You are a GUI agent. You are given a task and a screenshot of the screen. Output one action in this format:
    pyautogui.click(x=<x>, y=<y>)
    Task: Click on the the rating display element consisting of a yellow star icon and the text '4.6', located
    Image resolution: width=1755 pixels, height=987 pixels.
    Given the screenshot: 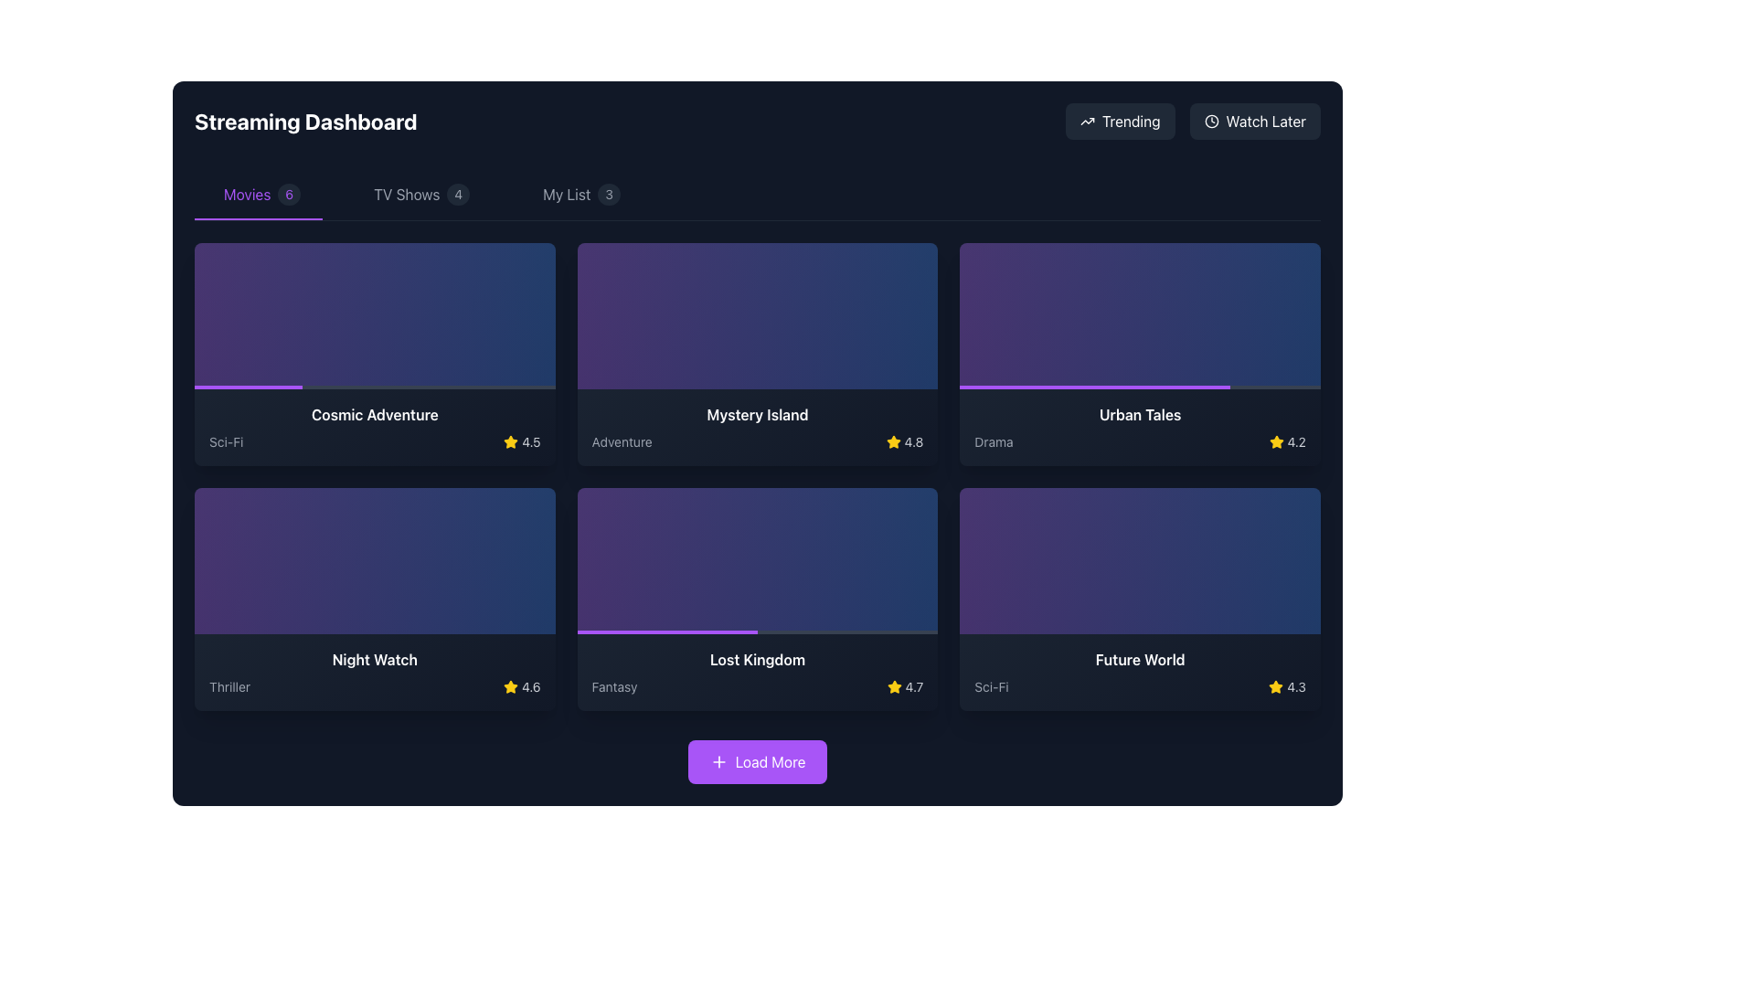 What is the action you would take?
    pyautogui.click(x=521, y=687)
    